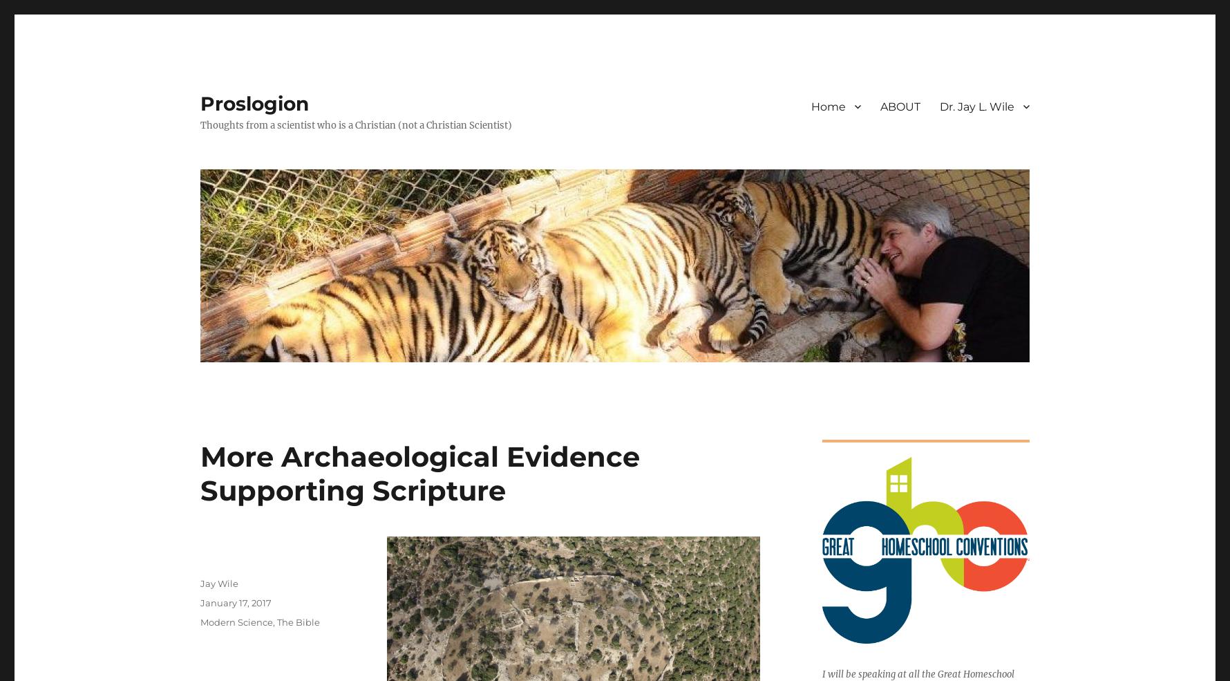 Image resolution: width=1230 pixels, height=681 pixels. I want to click on ',', so click(274, 622).